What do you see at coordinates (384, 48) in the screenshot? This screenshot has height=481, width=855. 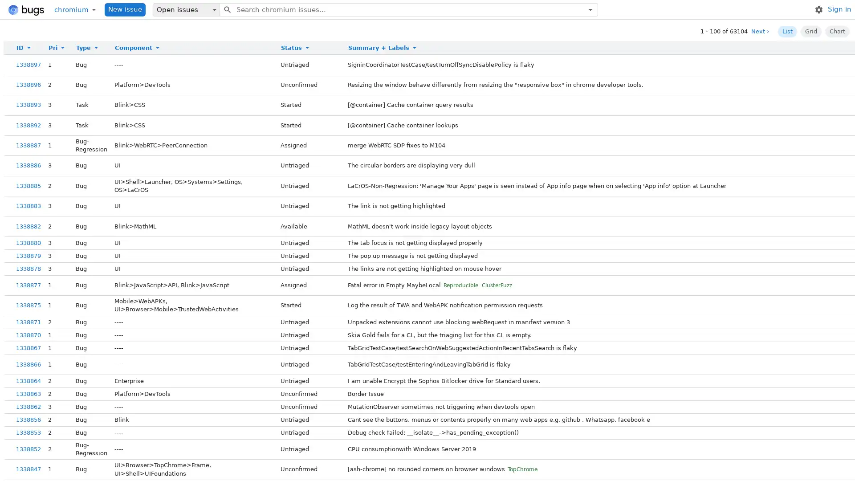 I see `Summary + Labels` at bounding box center [384, 48].